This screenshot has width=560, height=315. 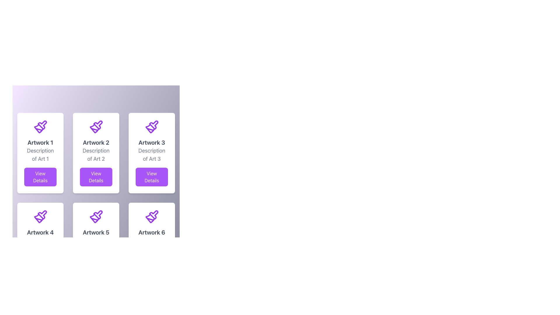 I want to click on the textual label displaying 'Artwork 6', which is styled with a large and bold gray font, located in the last column of the second row in a 3x2 grid of cards, so click(x=152, y=232).